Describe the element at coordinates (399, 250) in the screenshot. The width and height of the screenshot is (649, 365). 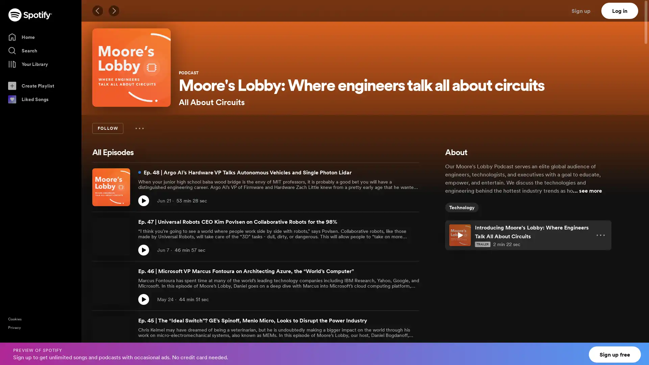
I see `Share` at that location.